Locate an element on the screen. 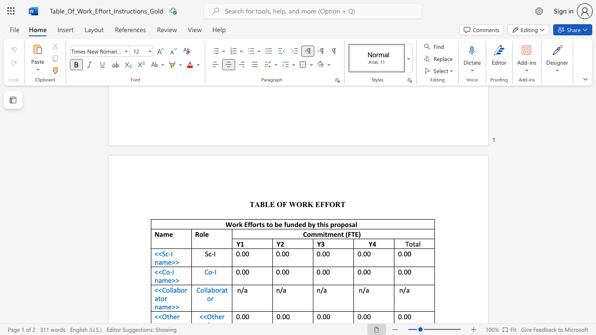 This screenshot has height=335, width=596. the subset text "nam" within the text "<<Co-I name>>" is located at coordinates (155, 280).